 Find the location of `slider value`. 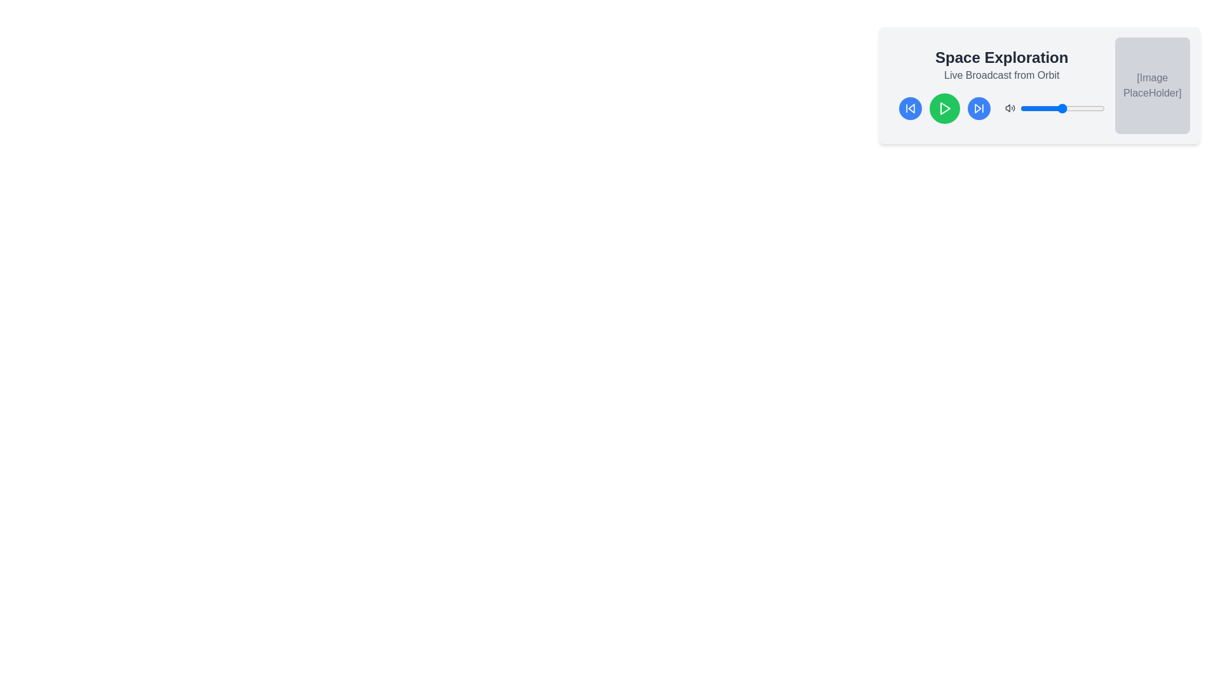

slider value is located at coordinates (1075, 107).